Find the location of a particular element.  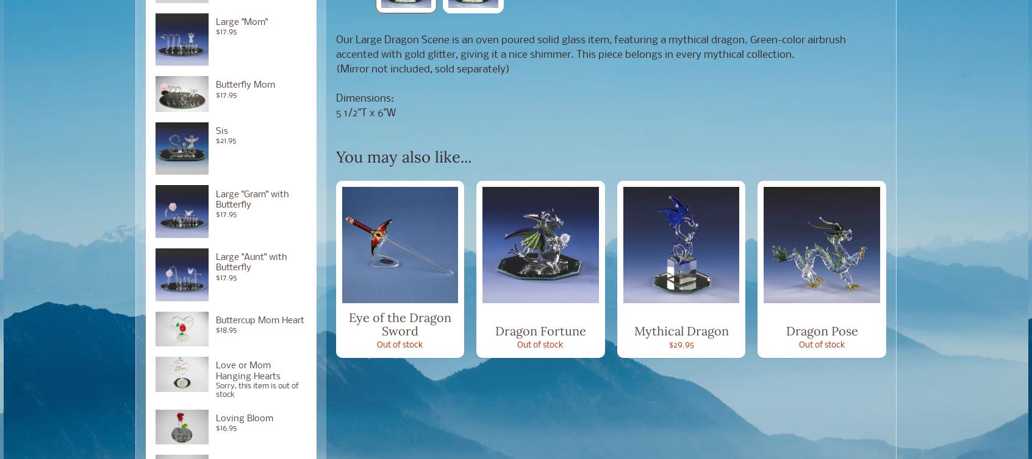

'Our Large Dragon Scene is an oven poured solid glass item, featuring a mythical dragon. Green-color airbrush accented with gold glitter, giving it a nice shimmer. This piece belongs in every mythical collection.' is located at coordinates (590, 47).